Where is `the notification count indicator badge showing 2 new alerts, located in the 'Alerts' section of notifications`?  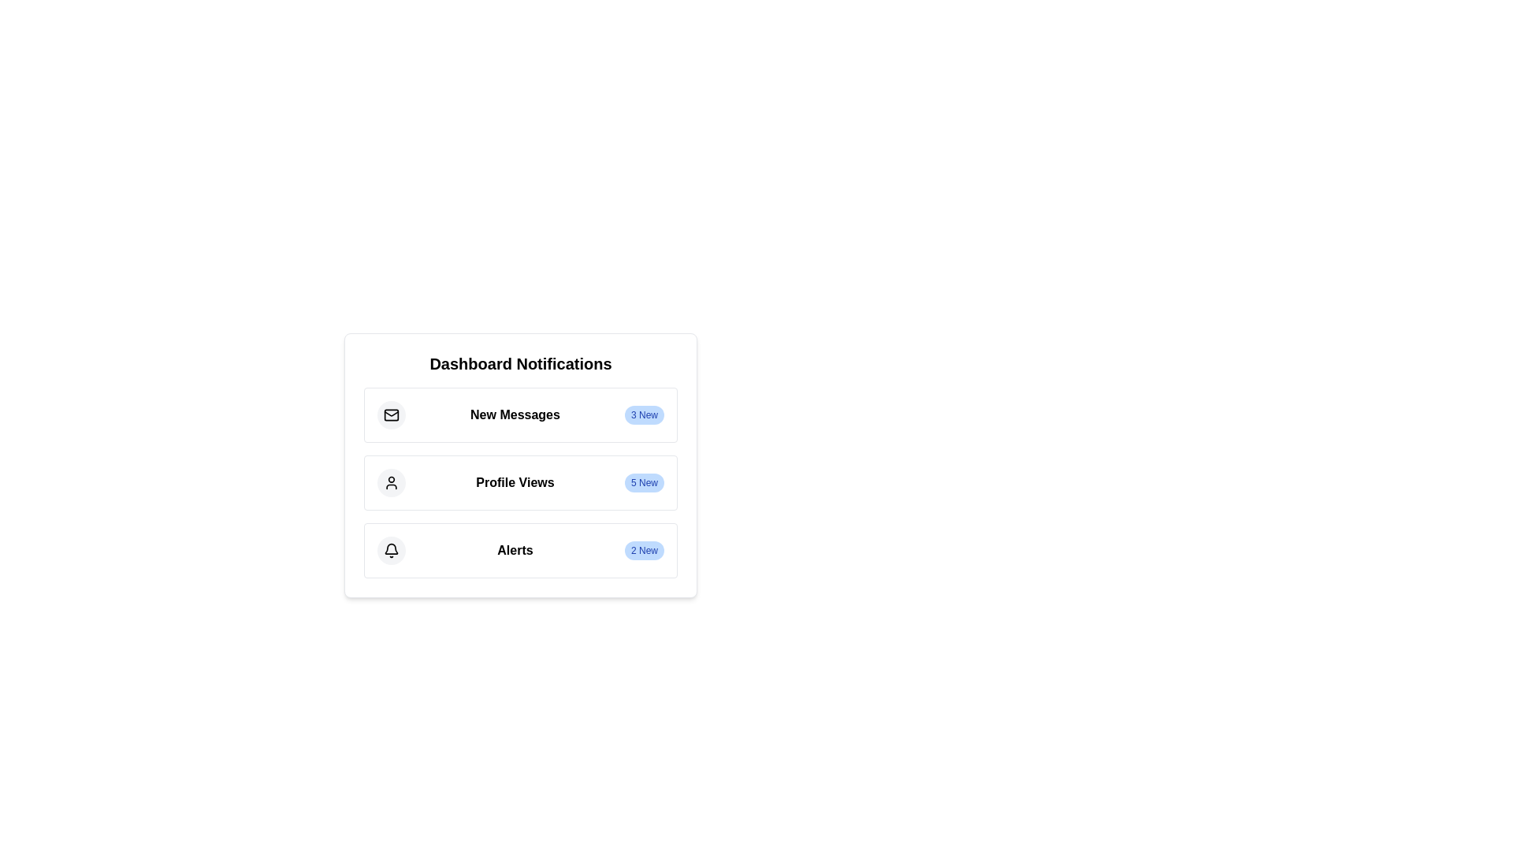
the notification count indicator badge showing 2 new alerts, located in the 'Alerts' section of notifications is located at coordinates (644, 549).